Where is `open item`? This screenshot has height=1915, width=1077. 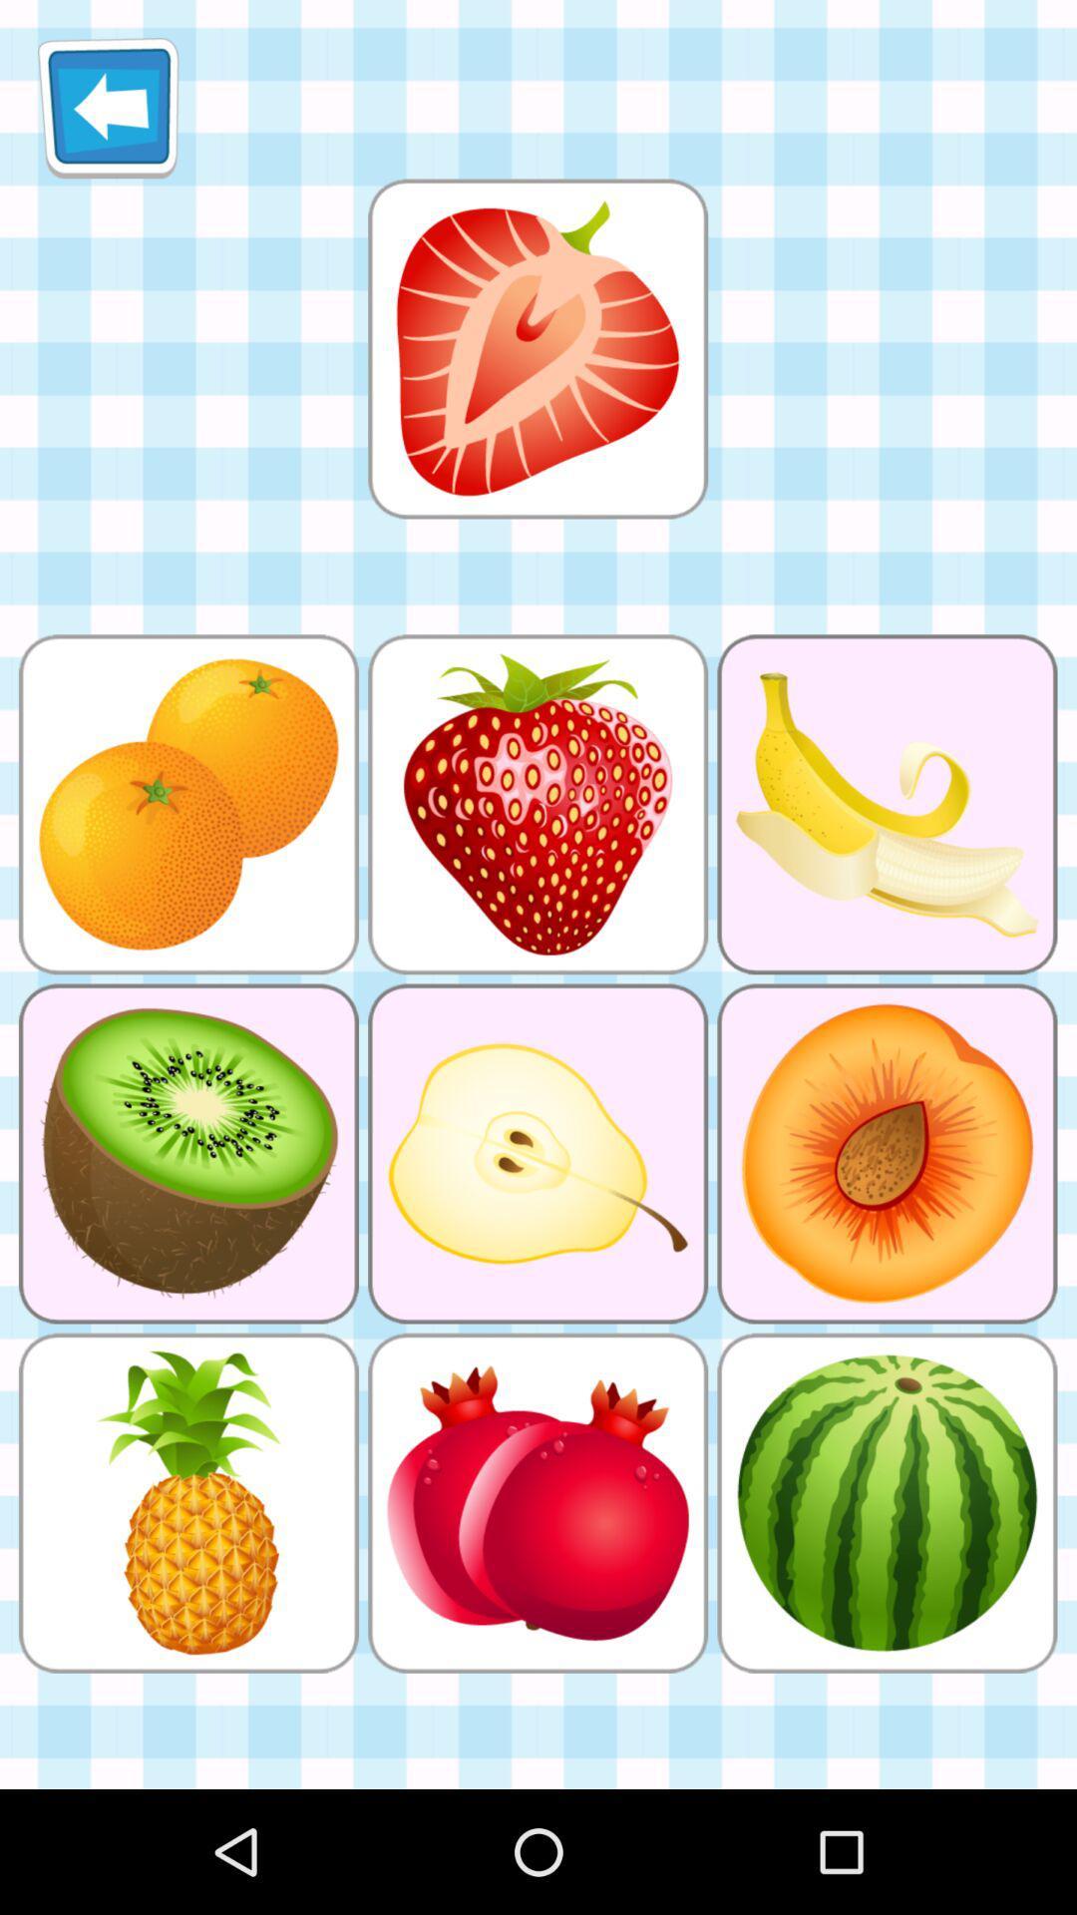
open item is located at coordinates (537, 348).